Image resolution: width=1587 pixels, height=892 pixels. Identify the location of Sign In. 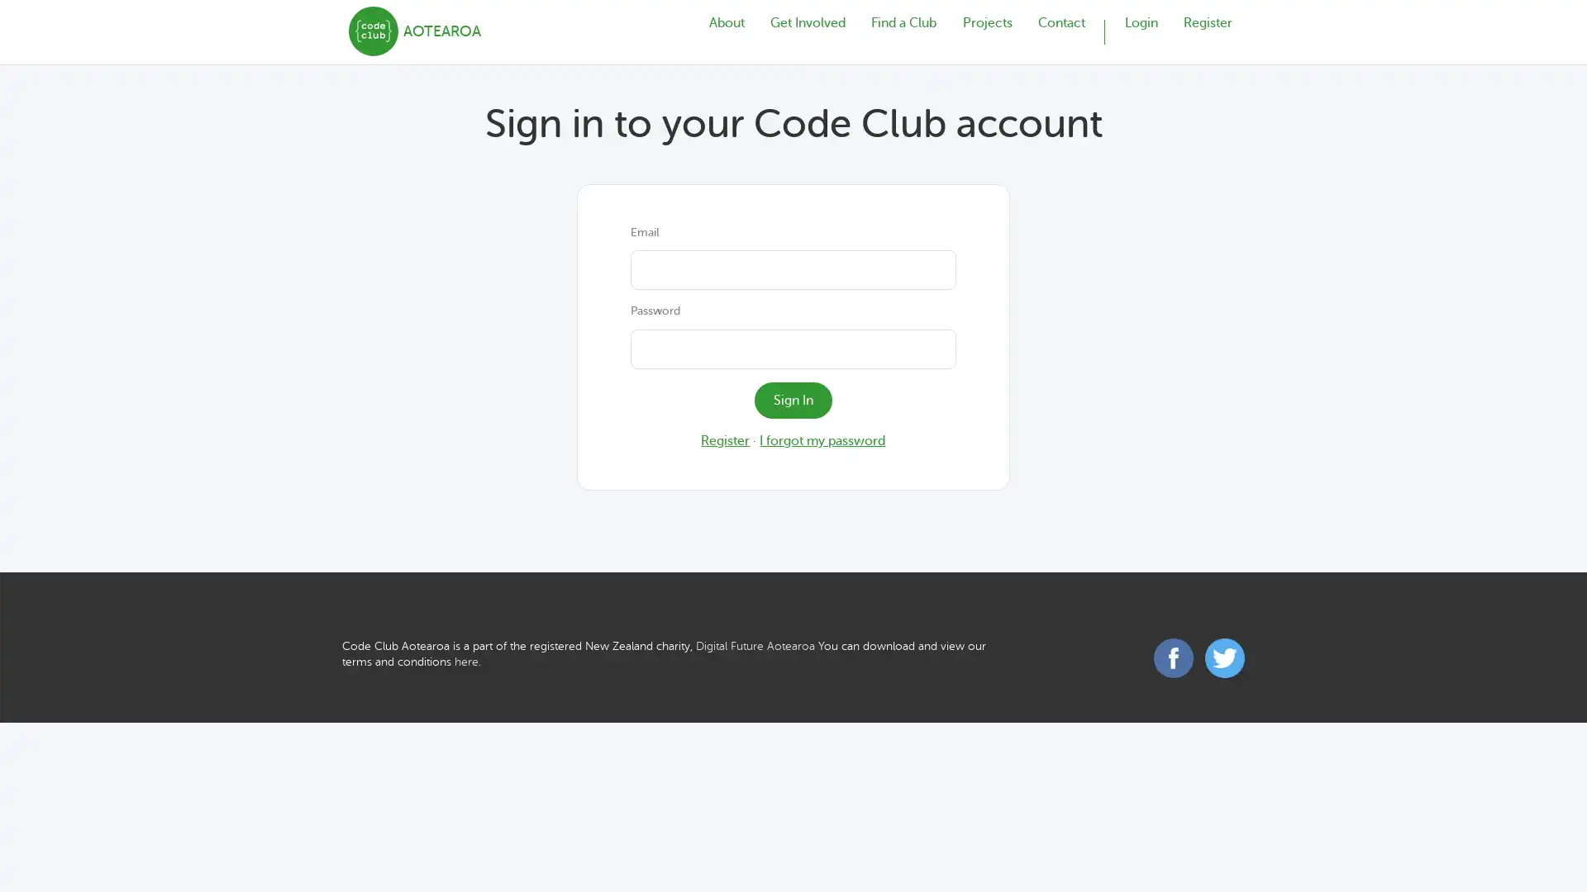
(792, 399).